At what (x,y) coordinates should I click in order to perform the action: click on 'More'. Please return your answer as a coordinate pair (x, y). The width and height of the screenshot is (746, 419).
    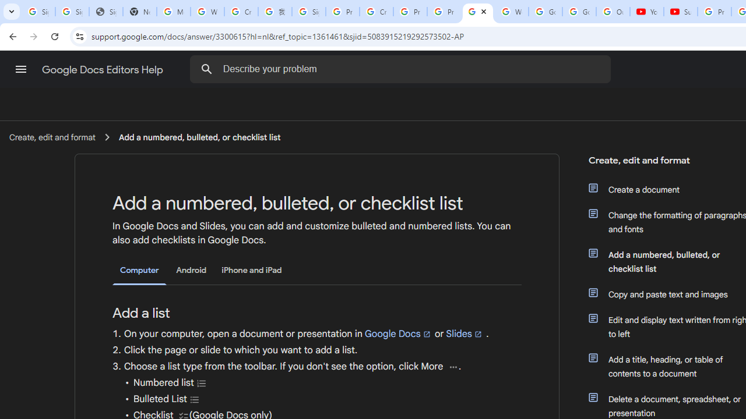
    Looking at the image, I should click on (452, 367).